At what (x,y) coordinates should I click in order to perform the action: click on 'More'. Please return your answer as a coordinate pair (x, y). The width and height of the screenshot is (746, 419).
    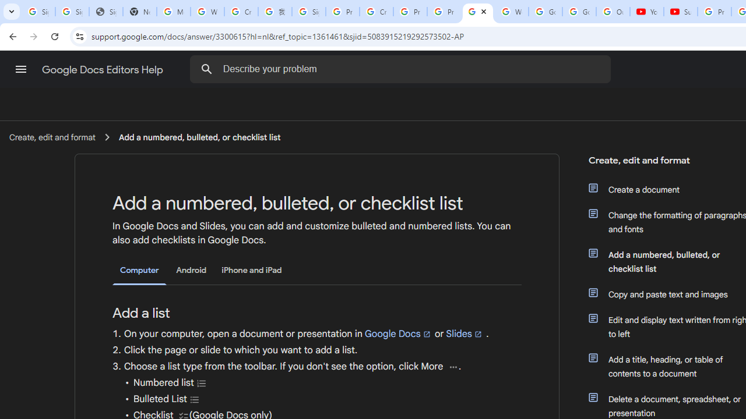
    Looking at the image, I should click on (452, 367).